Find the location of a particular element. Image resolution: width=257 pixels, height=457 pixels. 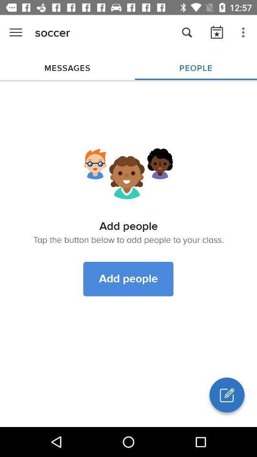

add people is located at coordinates (128, 279).